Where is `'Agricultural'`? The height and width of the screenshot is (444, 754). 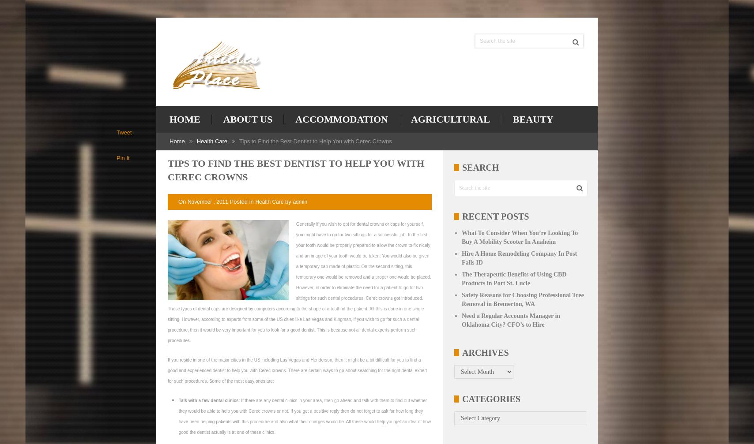 'Agricultural' is located at coordinates (450, 119).